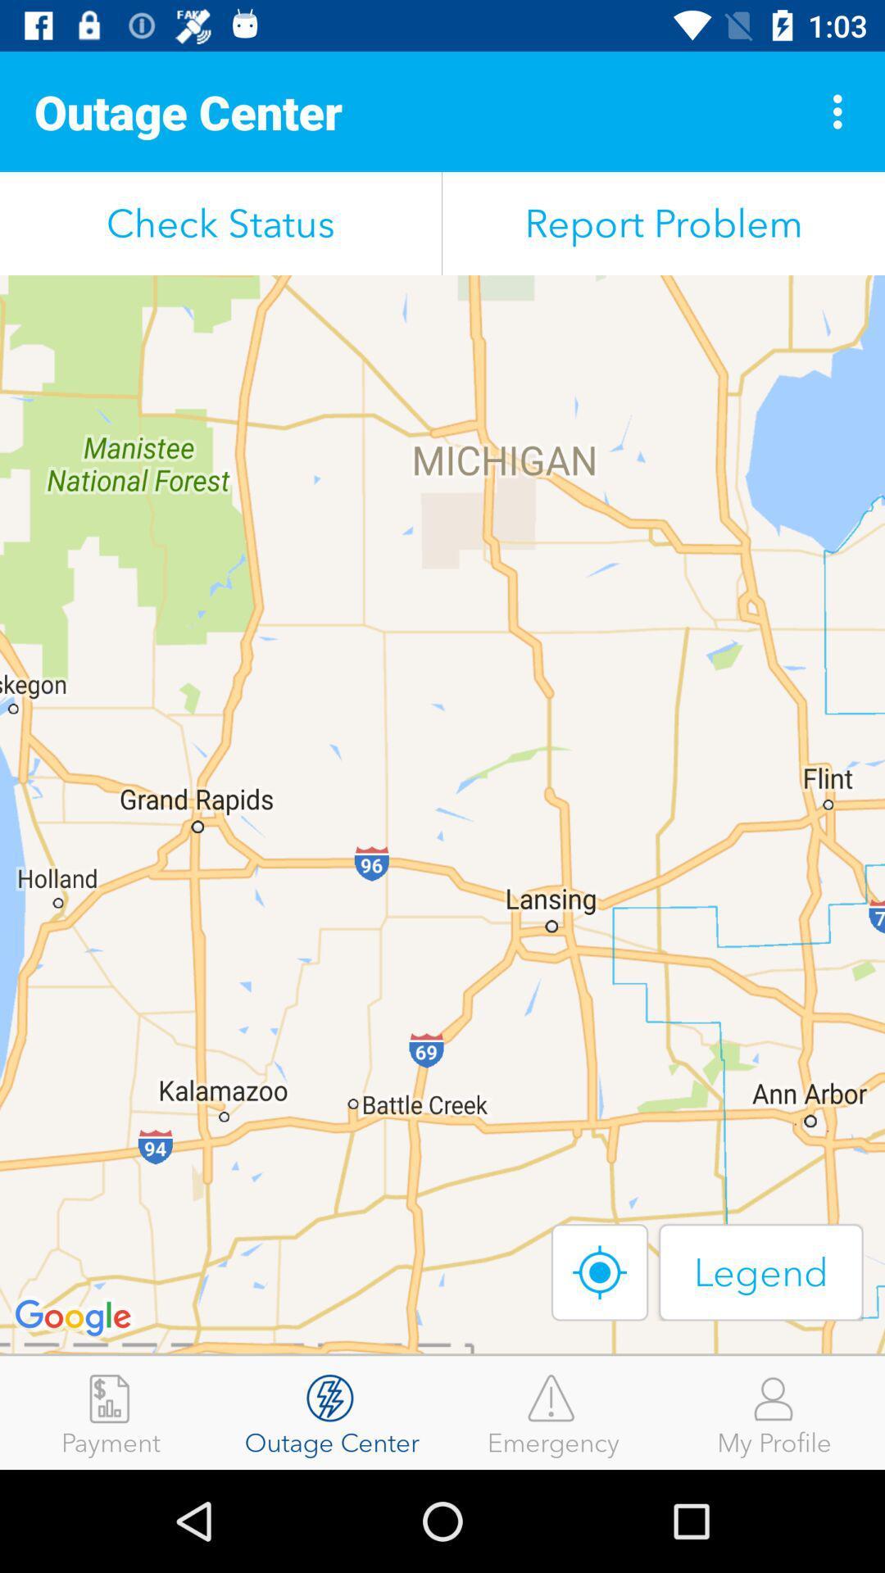 Image resolution: width=885 pixels, height=1573 pixels. What do you see at coordinates (553, 1412) in the screenshot?
I see `emergency item` at bounding box center [553, 1412].